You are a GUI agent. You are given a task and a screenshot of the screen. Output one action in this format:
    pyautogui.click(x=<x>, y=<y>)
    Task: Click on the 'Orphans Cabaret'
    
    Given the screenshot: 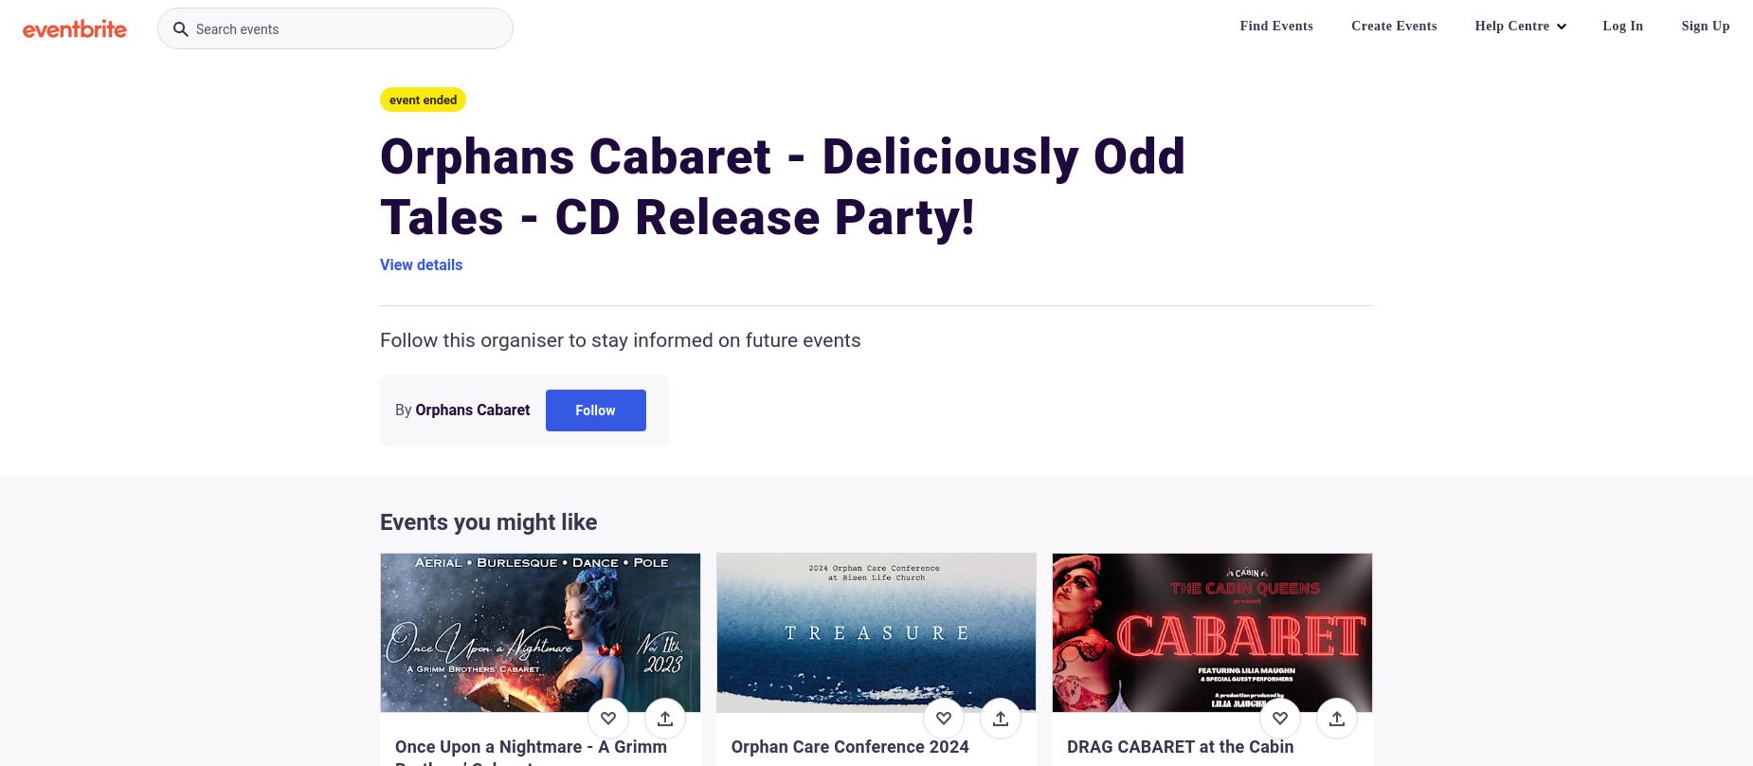 What is the action you would take?
    pyautogui.click(x=414, y=410)
    